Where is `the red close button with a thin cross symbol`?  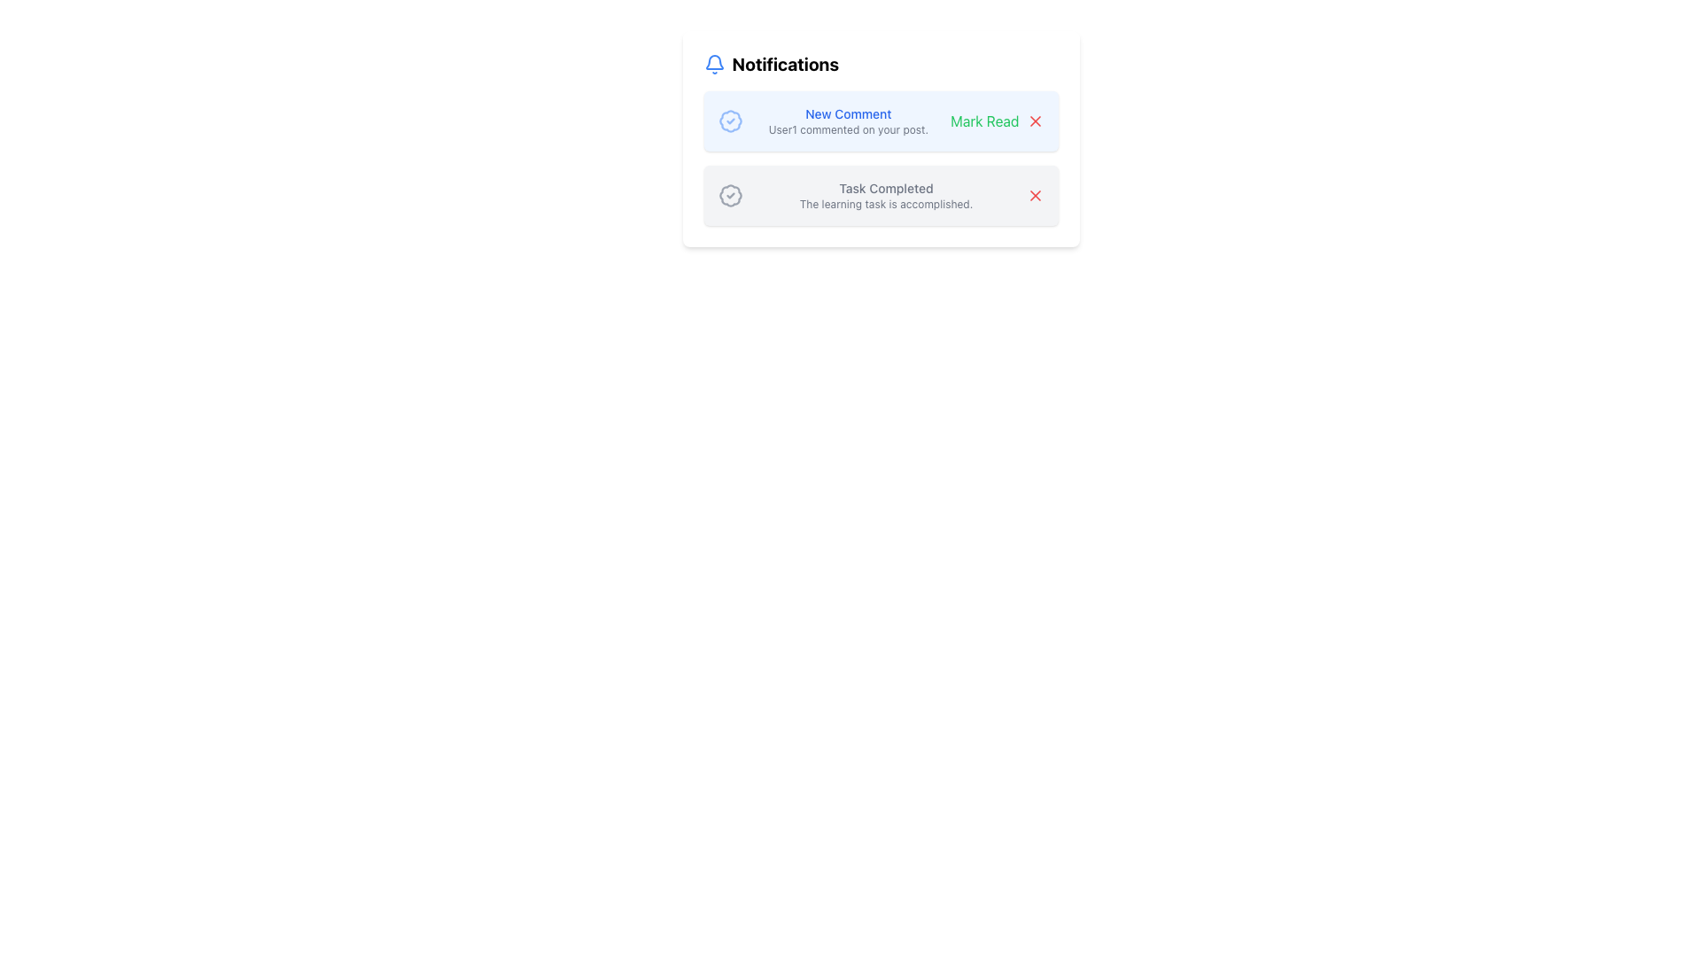 the red close button with a thin cross symbol is located at coordinates (1035, 121).